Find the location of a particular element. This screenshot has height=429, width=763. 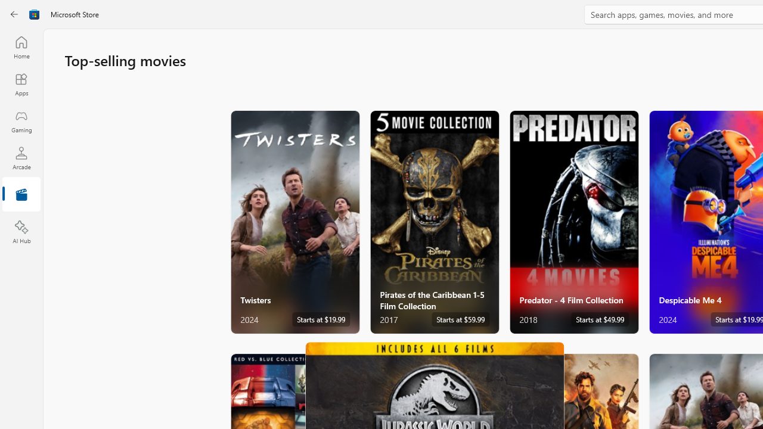

'Gaming' is located at coordinates (21, 121).